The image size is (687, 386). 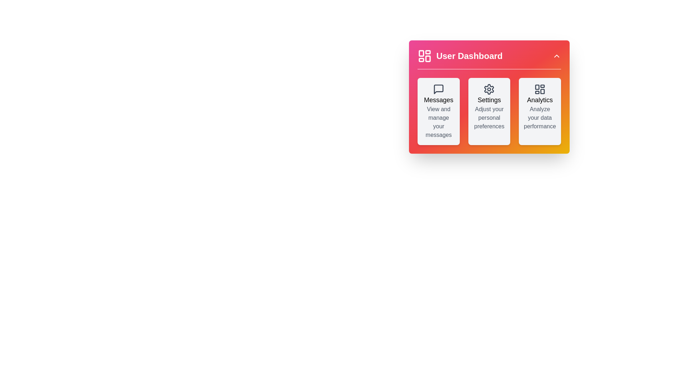 What do you see at coordinates (489, 112) in the screenshot?
I see `the middle card in the Clickable card interface, which has a light gray background, rounded corners, a gear icon, bold text 'Settings', and a subtitle 'Adjust your personal preferences'` at bounding box center [489, 112].